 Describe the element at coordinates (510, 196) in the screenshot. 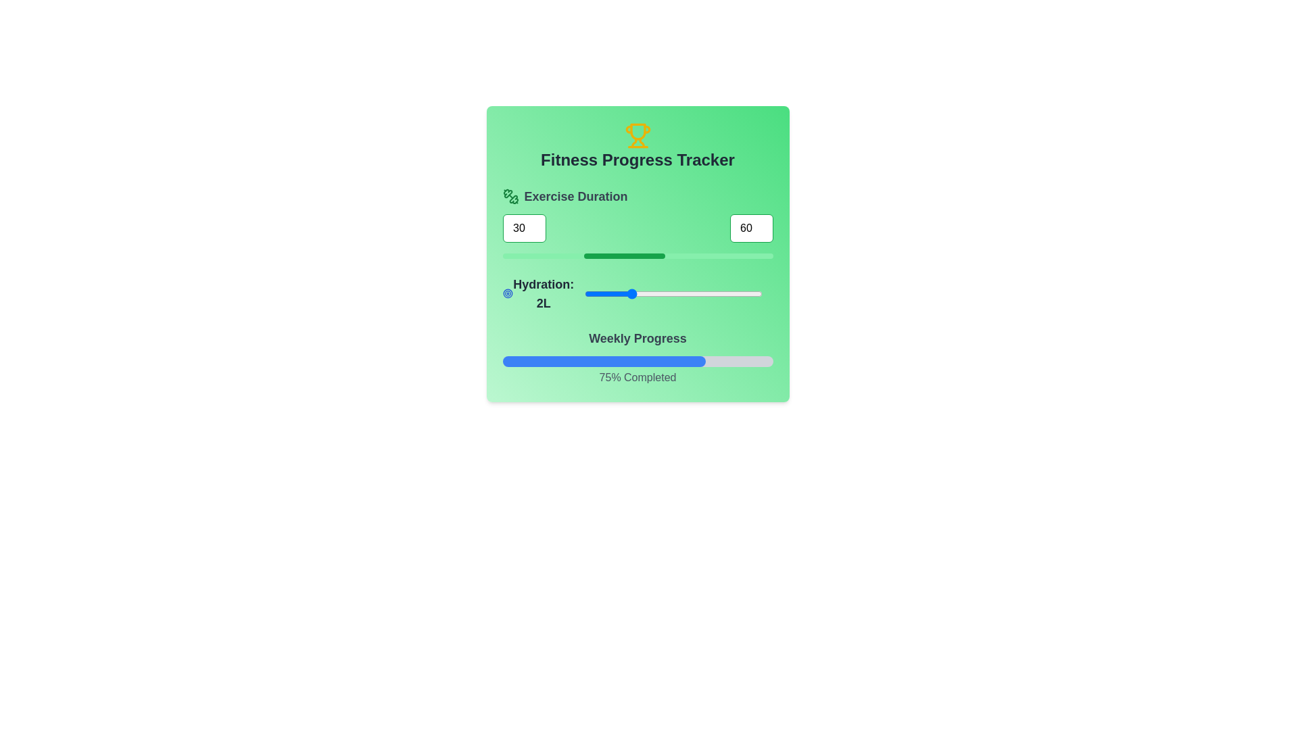

I see `the green dumbbell icon located to the left of the 'Exercise Duration' label in the Fitness Progress Tracker interface` at that location.